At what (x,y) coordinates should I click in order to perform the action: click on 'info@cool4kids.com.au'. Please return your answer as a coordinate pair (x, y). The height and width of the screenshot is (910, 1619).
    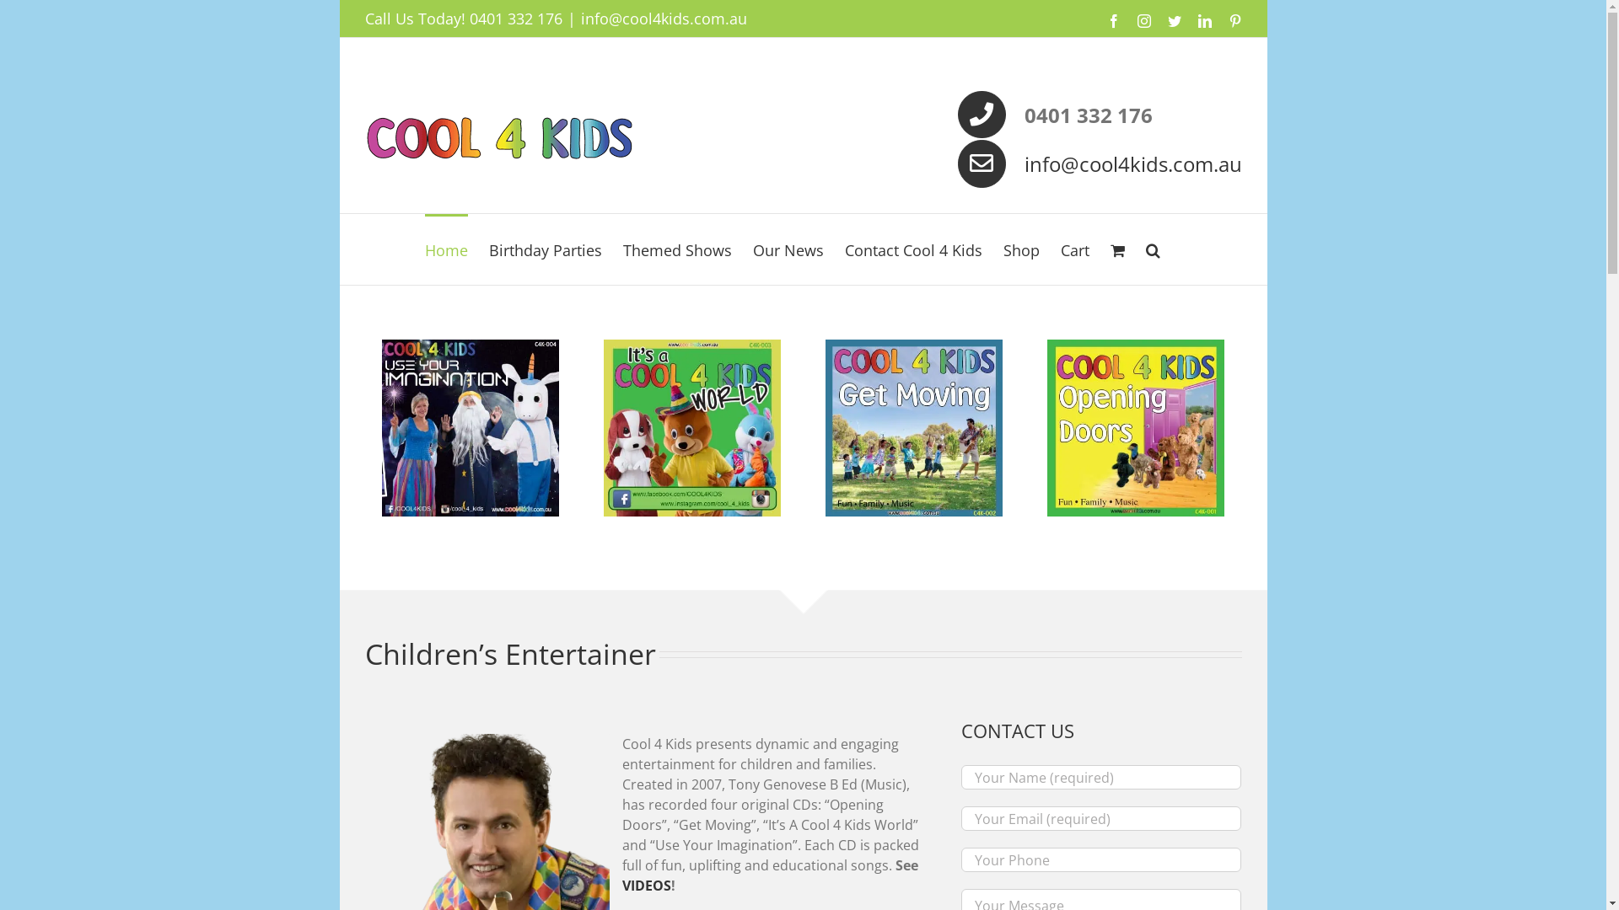
    Looking at the image, I should click on (1132, 163).